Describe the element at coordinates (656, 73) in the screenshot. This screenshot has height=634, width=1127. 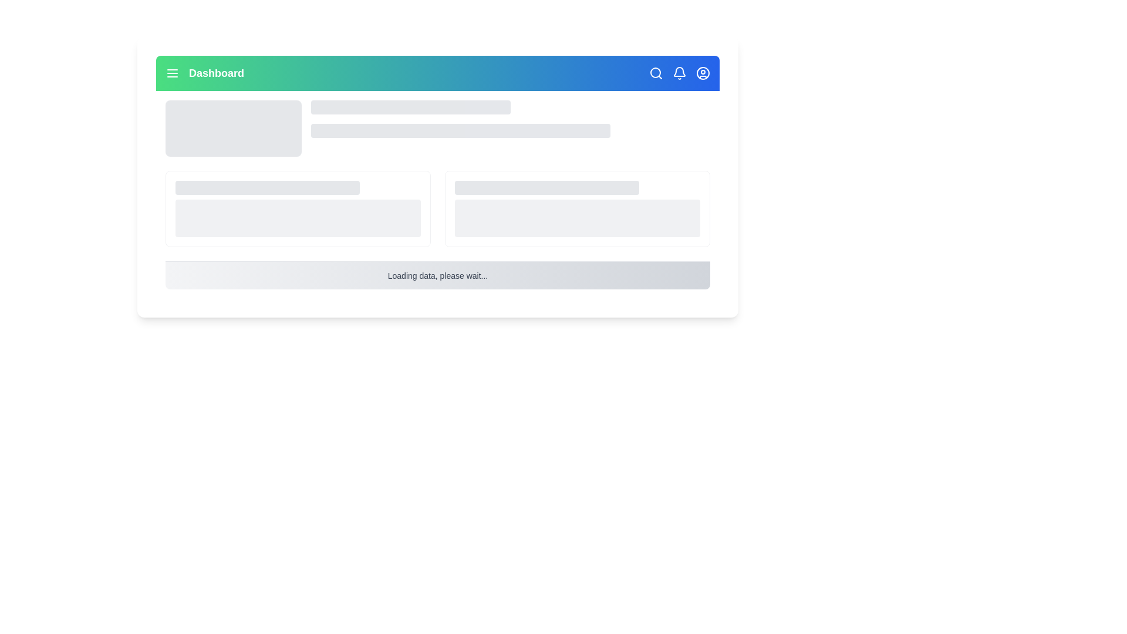
I see `the magnifying glass icon located in the top-right section of the interface within a blue bar, as it is the first icon among three` at that location.